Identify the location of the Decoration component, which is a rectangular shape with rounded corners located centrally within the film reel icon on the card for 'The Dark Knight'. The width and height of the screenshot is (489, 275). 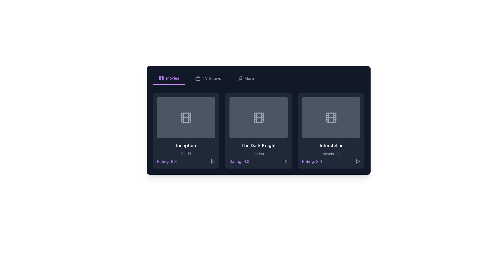
(259, 118).